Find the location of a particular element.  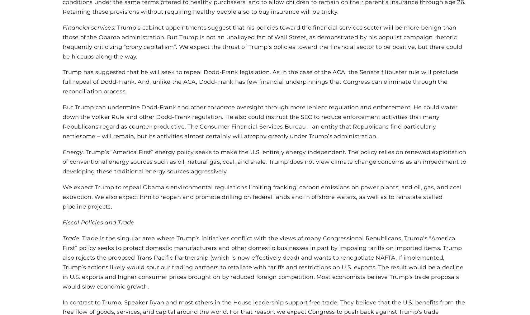

'Financial services:' is located at coordinates (90, 27).